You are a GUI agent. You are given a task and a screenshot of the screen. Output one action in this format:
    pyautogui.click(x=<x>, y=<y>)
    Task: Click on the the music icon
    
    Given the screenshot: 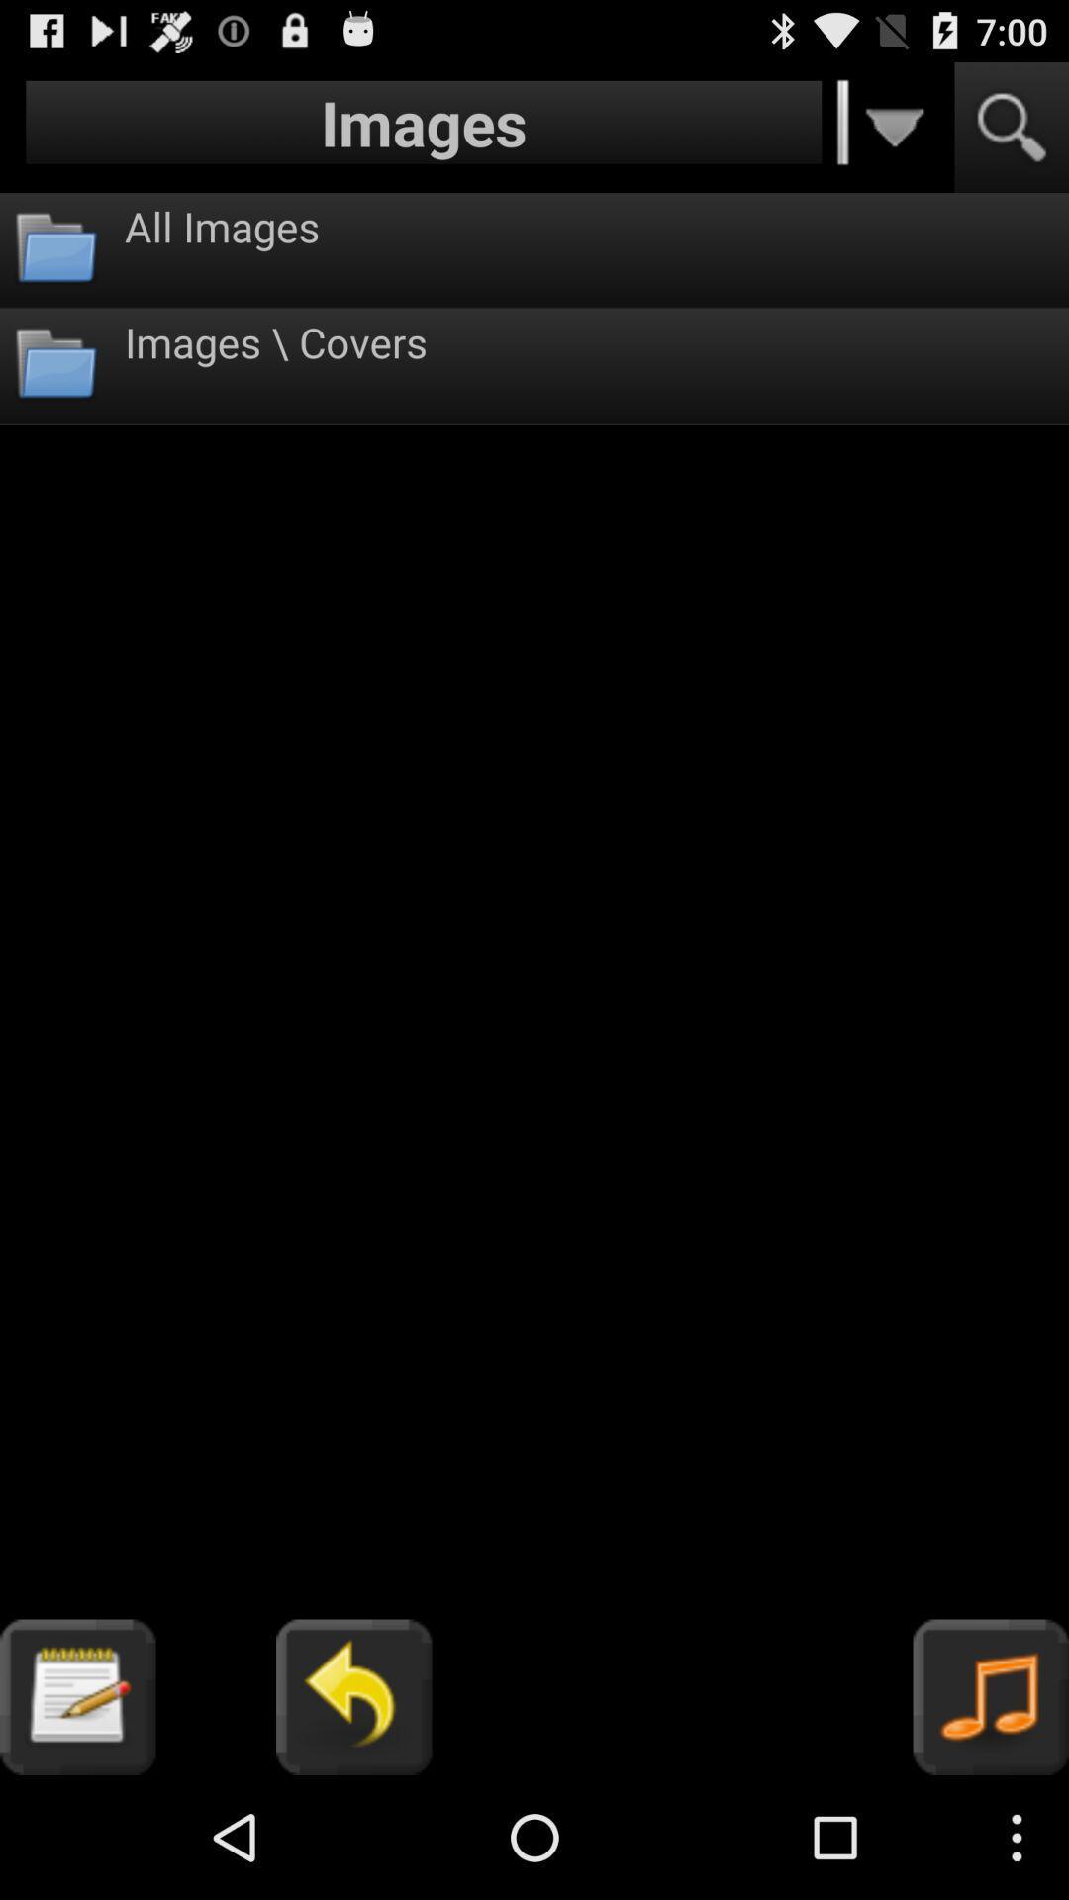 What is the action you would take?
    pyautogui.click(x=991, y=1816)
    